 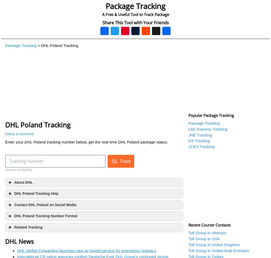 I want to click on 'Contact DHL Poland on Social Media', so click(x=45, y=205).